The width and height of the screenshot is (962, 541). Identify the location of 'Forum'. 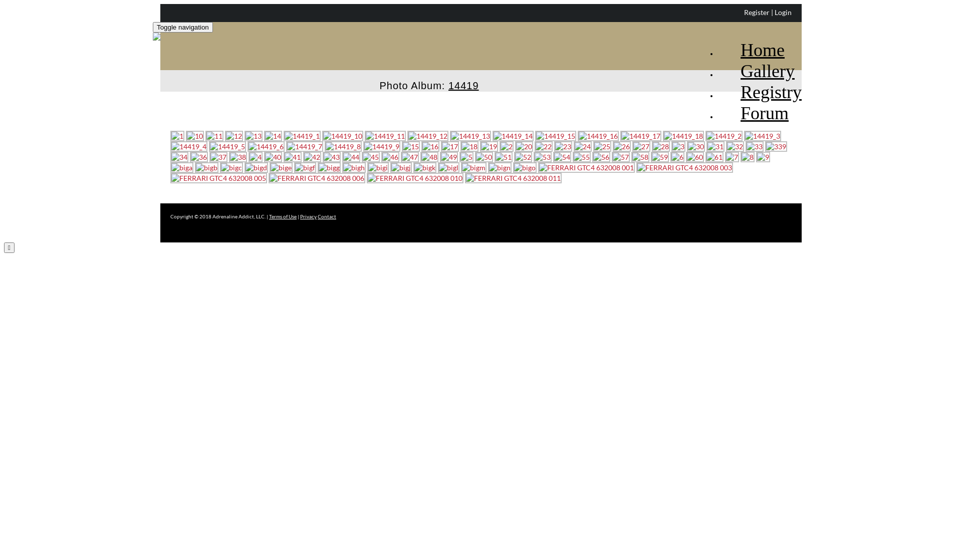
(753, 104).